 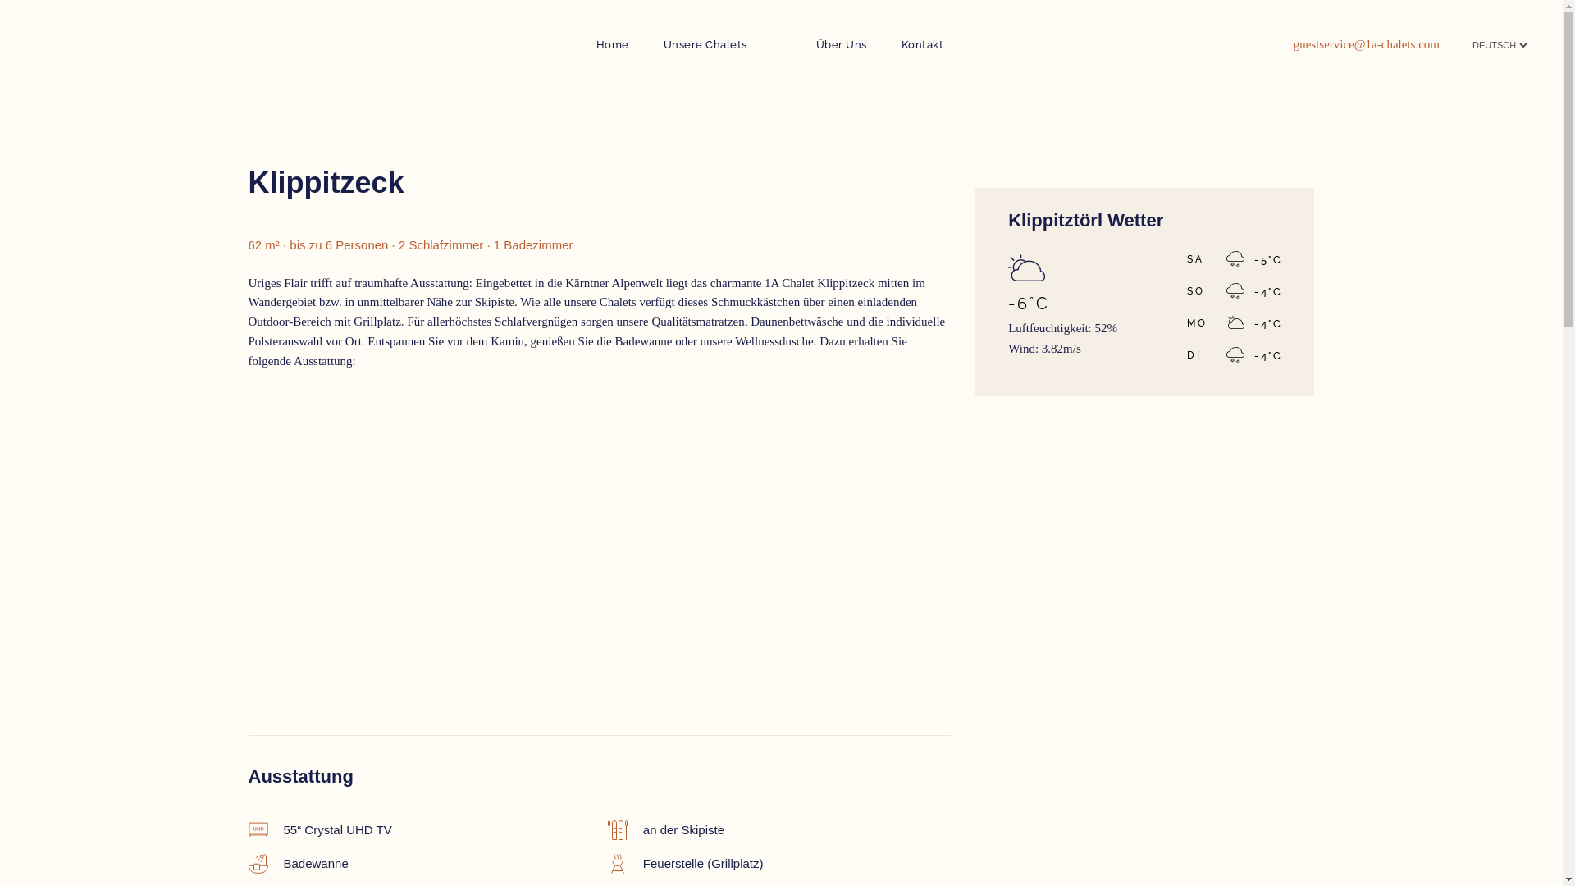 What do you see at coordinates (705, 43) in the screenshot?
I see `'Unsere Chalets'` at bounding box center [705, 43].